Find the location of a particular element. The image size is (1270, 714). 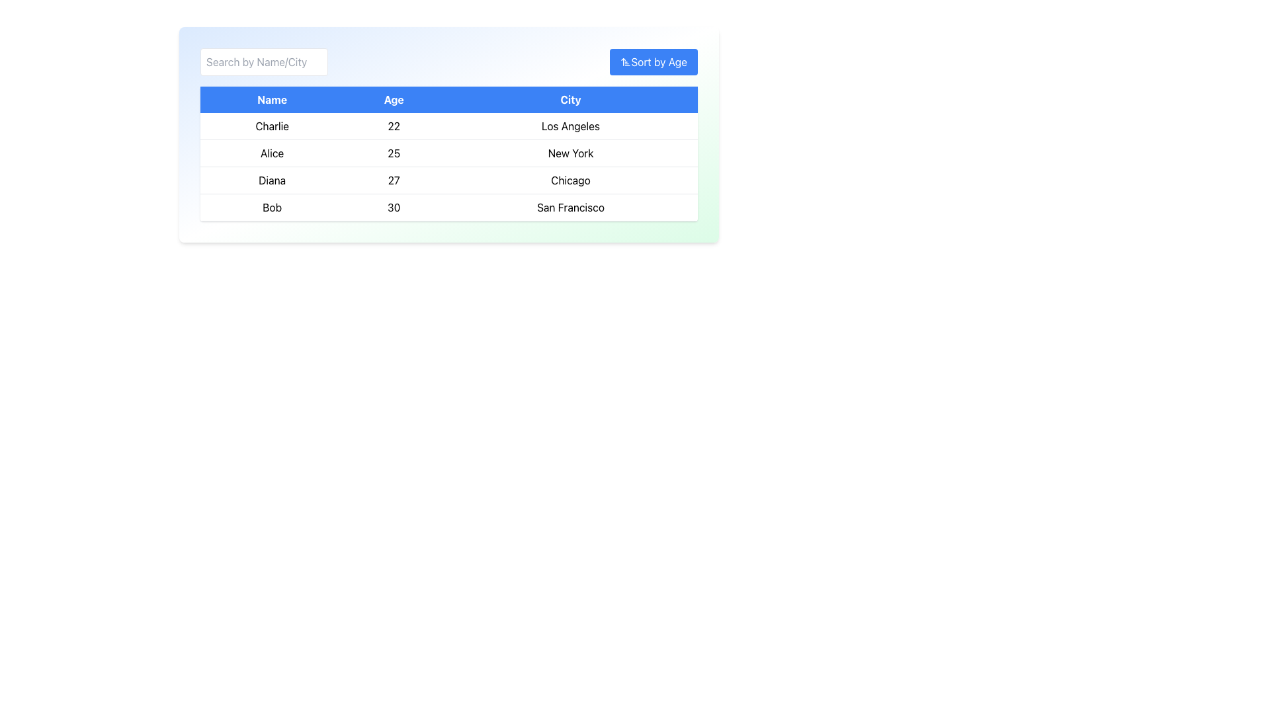

the button with a blue background and white text that reads 'Sort by Age' to sort the items by age is located at coordinates (654, 61).